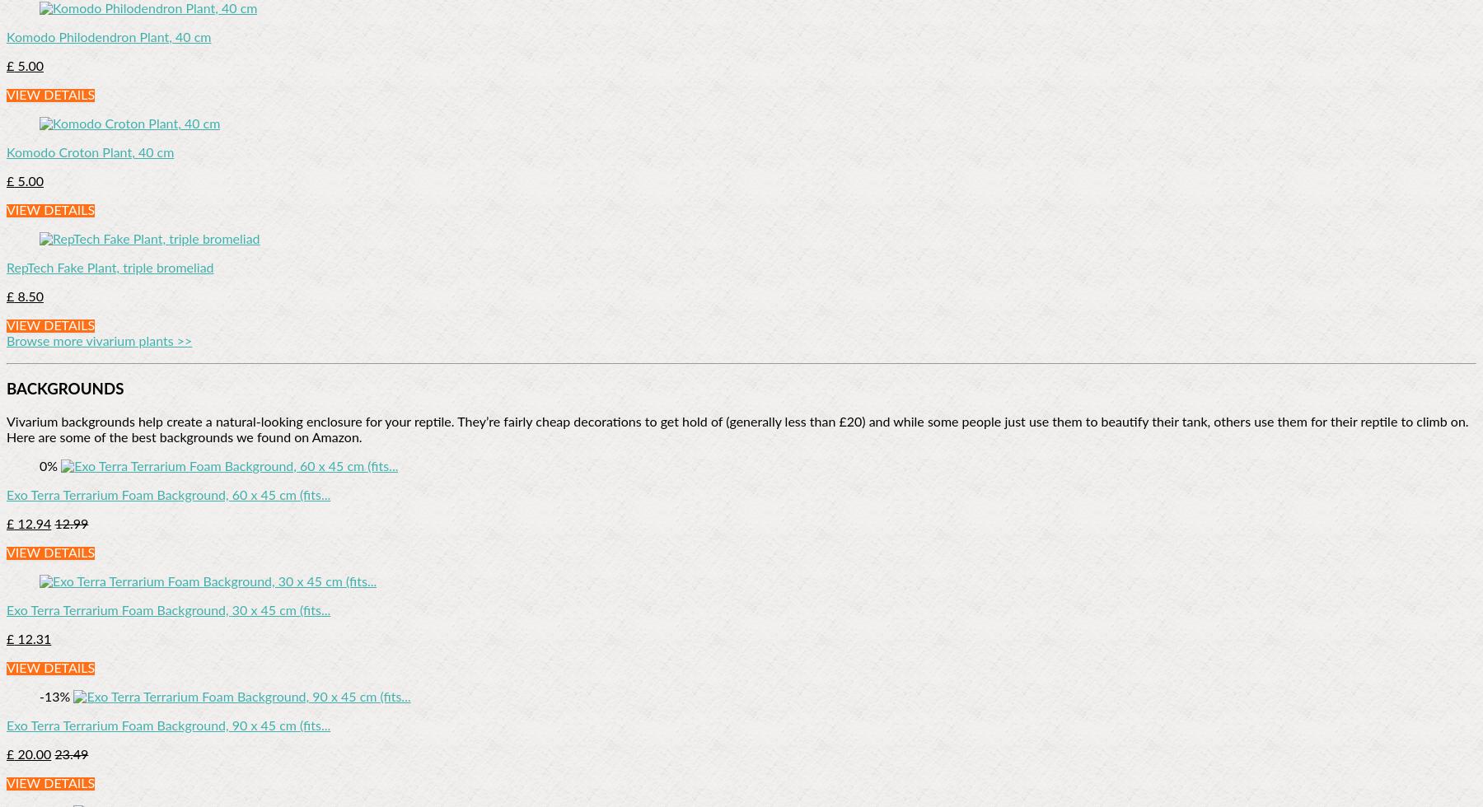 The width and height of the screenshot is (1483, 807). Describe the element at coordinates (110, 268) in the screenshot. I see `'RepTech Fake Plant, triple bromeliad'` at that location.